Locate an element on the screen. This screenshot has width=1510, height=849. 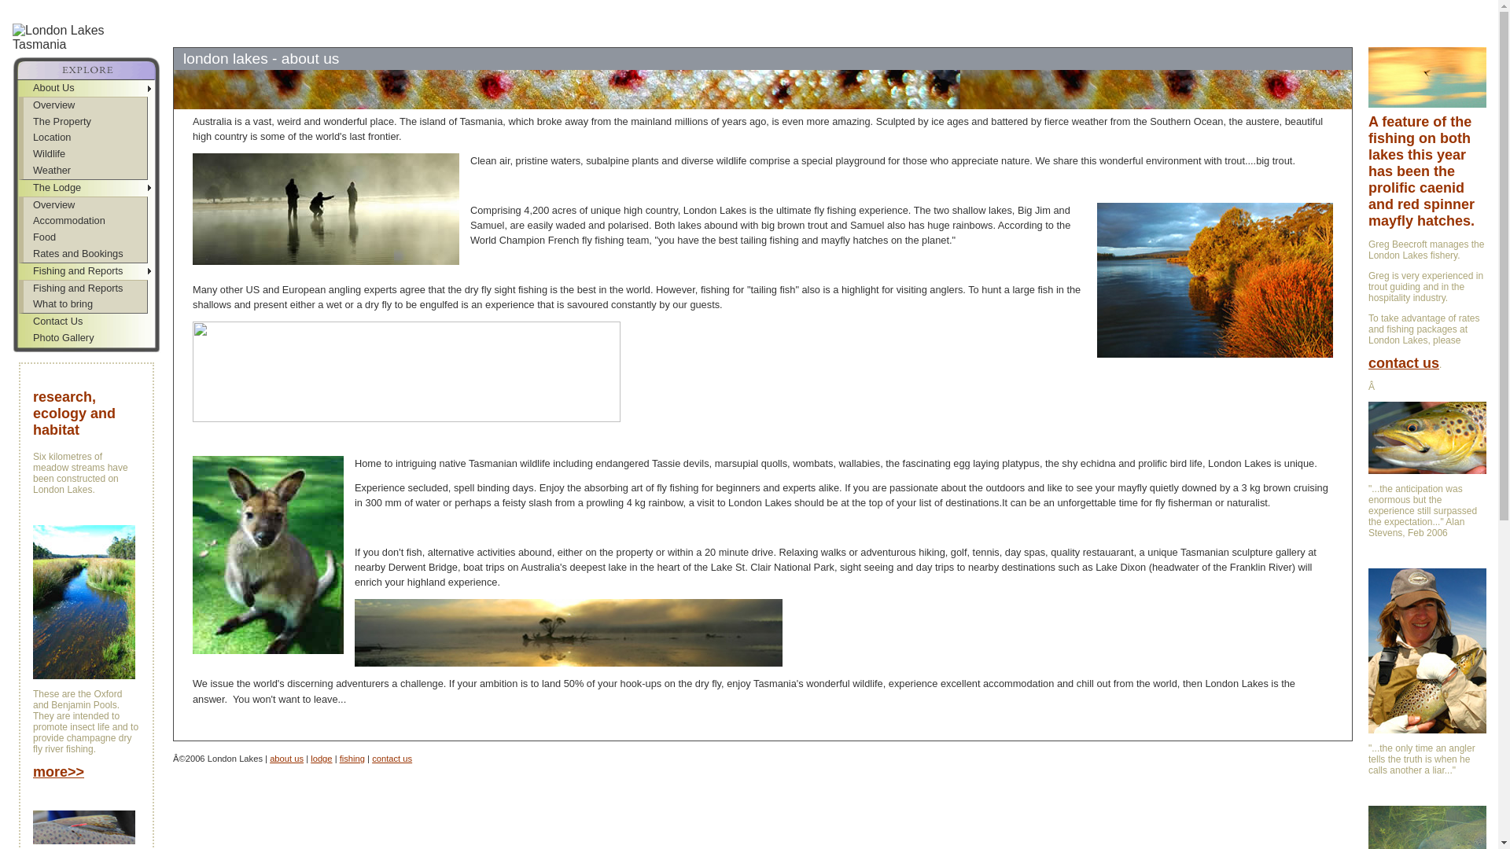
'The Lodge' is located at coordinates (86, 187).